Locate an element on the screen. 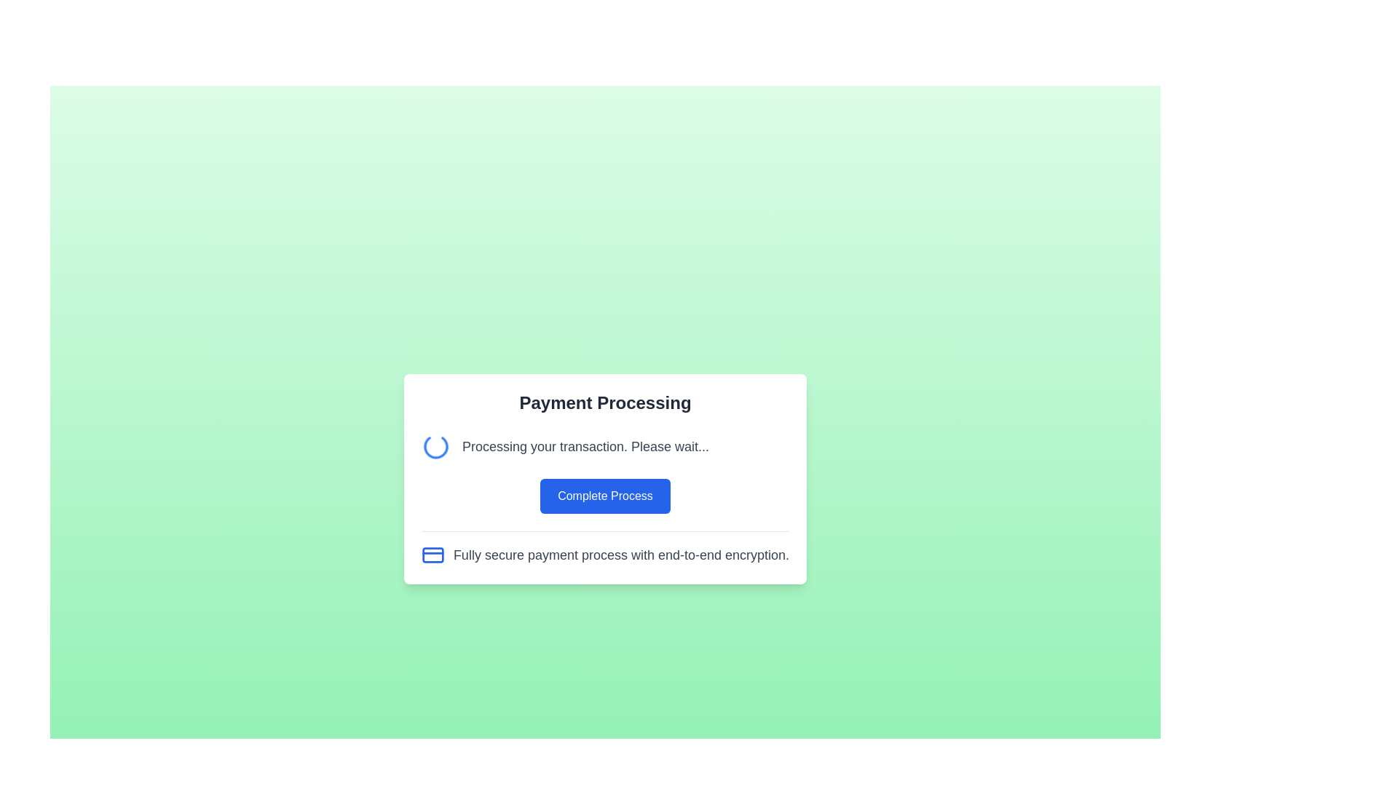  the 'Complete Process' button is located at coordinates (605, 479).